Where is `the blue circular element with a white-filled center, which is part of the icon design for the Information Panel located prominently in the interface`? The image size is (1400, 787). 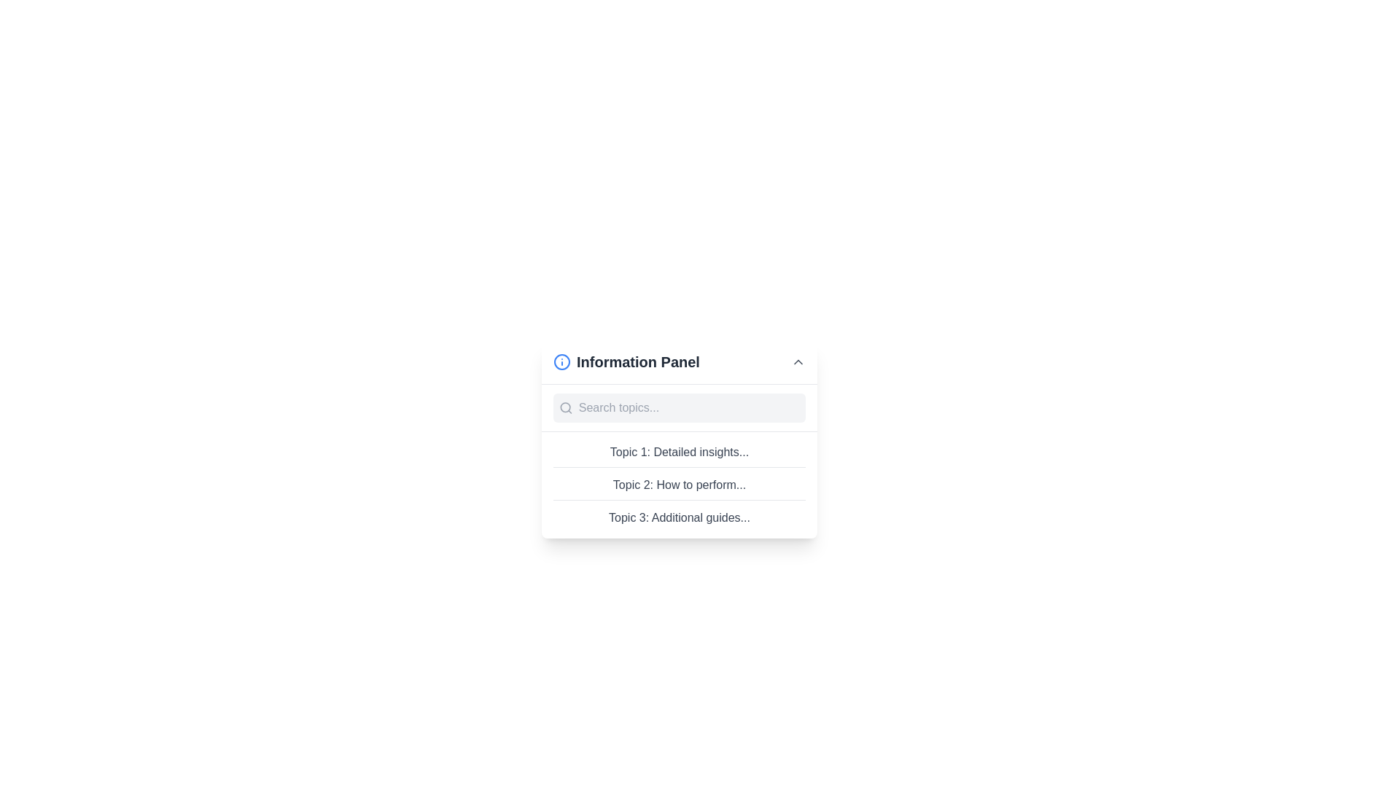
the blue circular element with a white-filled center, which is part of the icon design for the Information Panel located prominently in the interface is located at coordinates (561, 361).